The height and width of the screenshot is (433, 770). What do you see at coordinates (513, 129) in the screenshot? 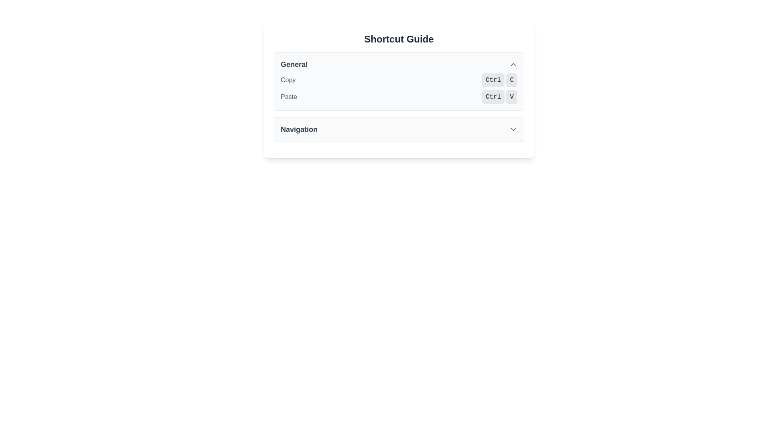
I see `the downward-pointing arrow icon located to the far right of the 'Navigation' label` at bounding box center [513, 129].